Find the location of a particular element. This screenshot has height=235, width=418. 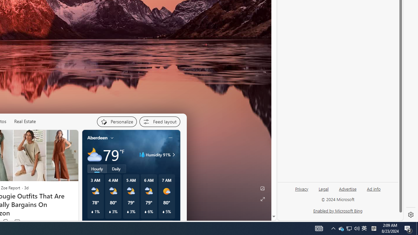

'My location' is located at coordinates (112, 137).